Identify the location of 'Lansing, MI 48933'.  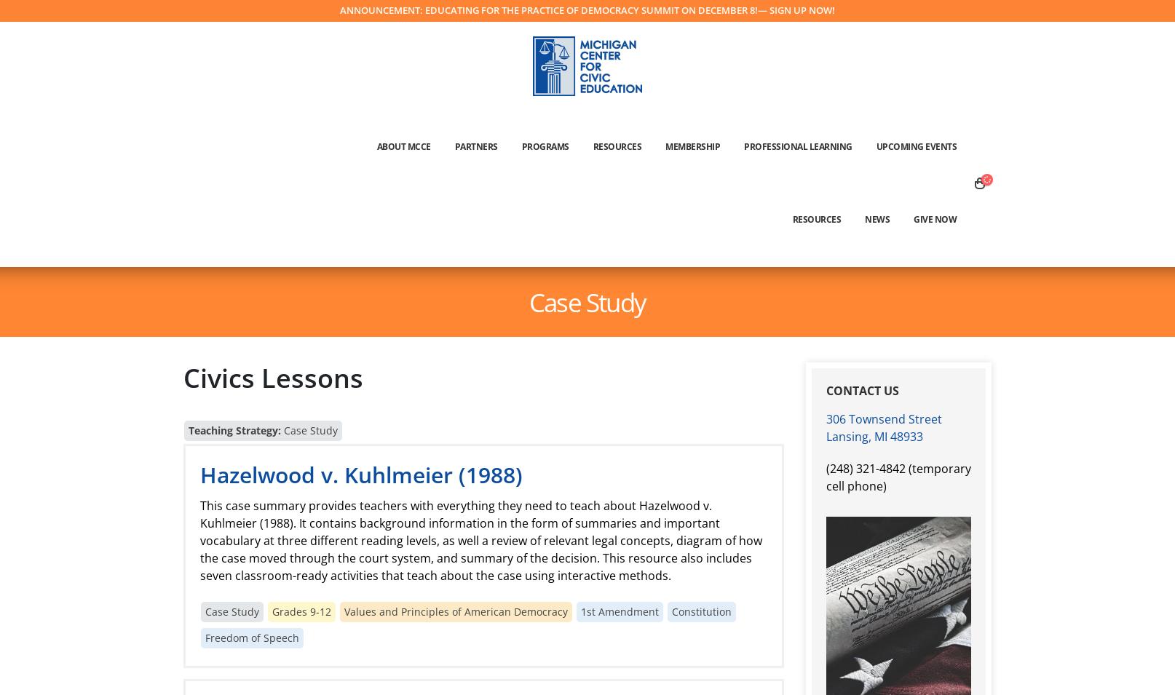
(874, 435).